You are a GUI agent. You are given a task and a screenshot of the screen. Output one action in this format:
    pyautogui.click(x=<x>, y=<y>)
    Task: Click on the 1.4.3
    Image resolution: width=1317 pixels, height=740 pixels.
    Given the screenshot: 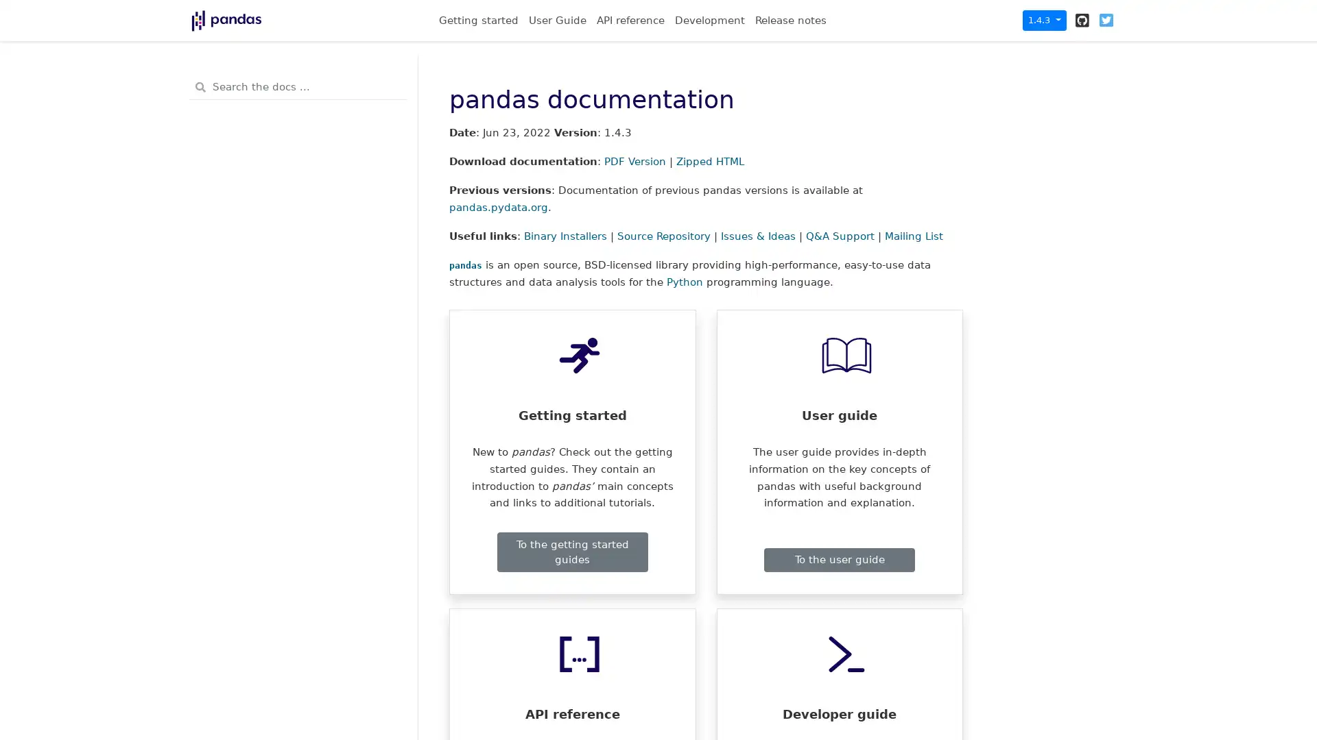 What is the action you would take?
    pyautogui.click(x=1043, y=20)
    